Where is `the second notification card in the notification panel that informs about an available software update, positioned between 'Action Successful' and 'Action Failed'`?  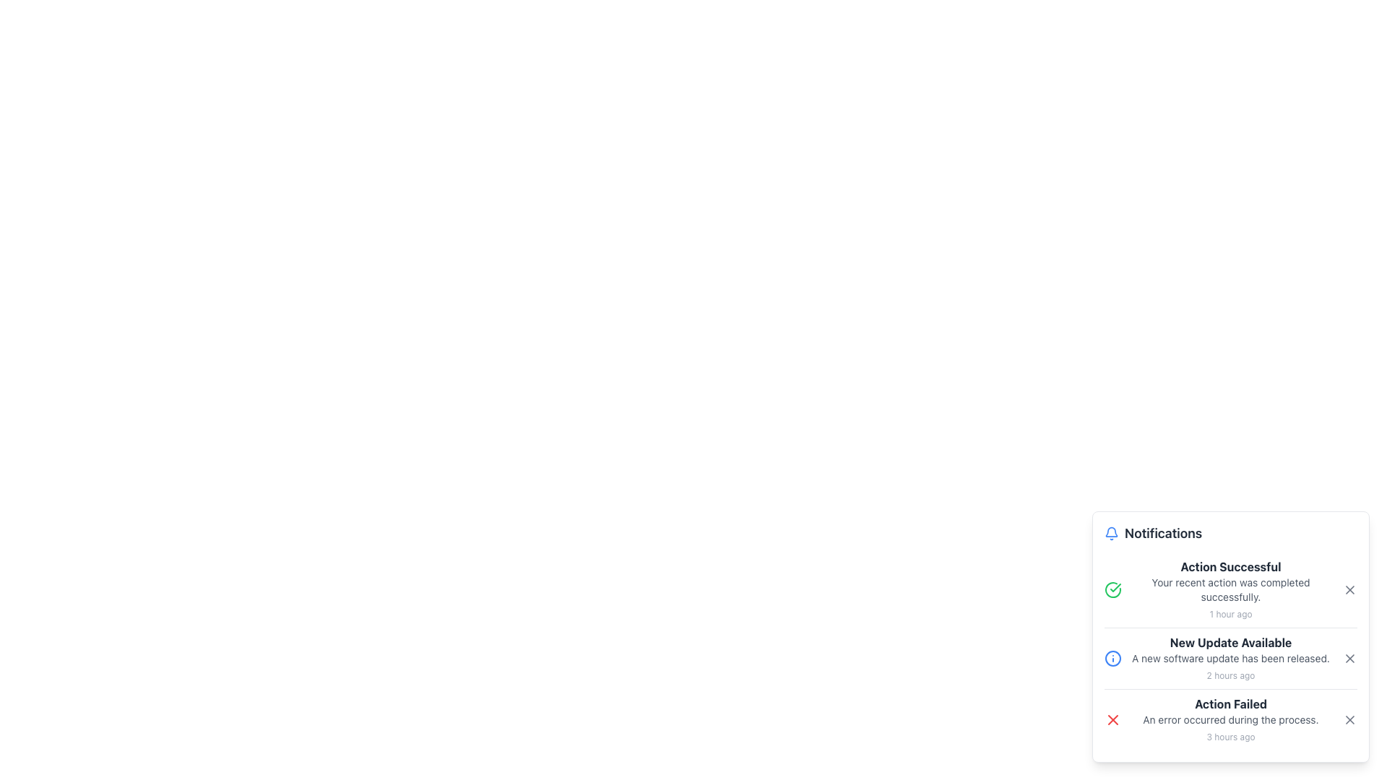
the second notification card in the notification panel that informs about an available software update, positioned between 'Action Successful' and 'Action Failed' is located at coordinates (1230, 657).